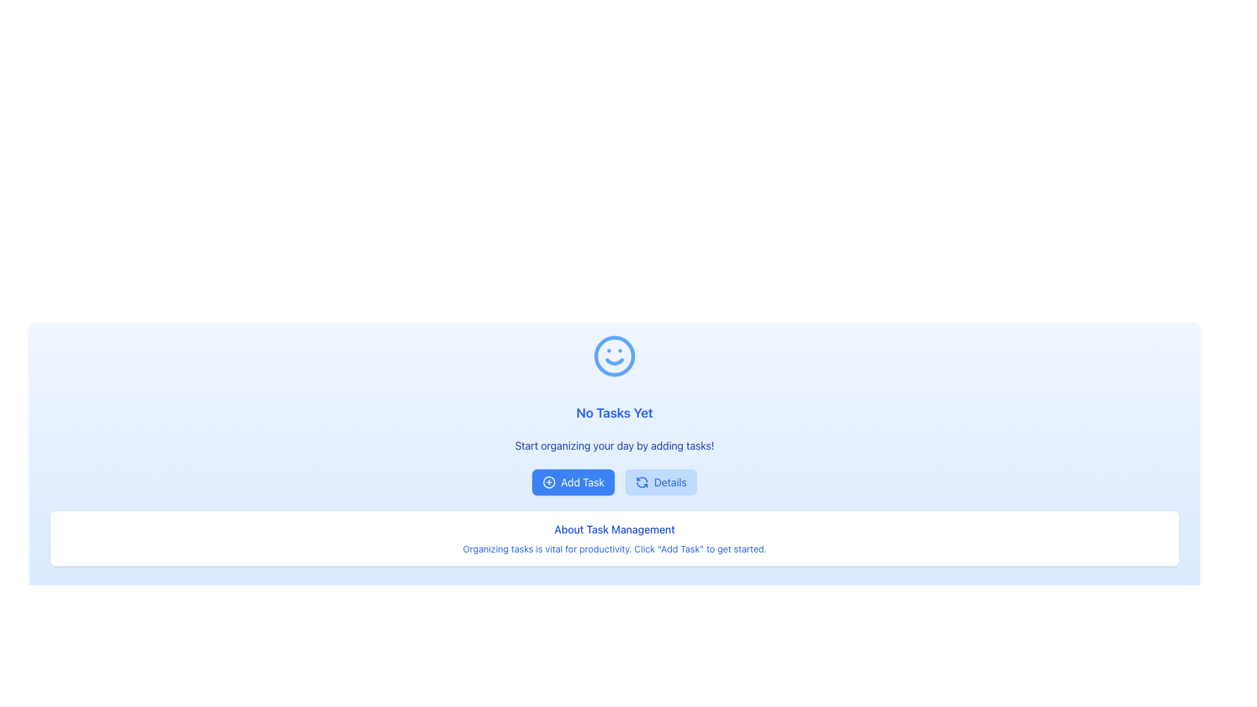 The width and height of the screenshot is (1257, 707). I want to click on the static text that provides instructions or encouragement to the user, located beneath the 'No Tasks Yet' heading and above the 'Add Task' and 'Details' buttons, so click(614, 445).